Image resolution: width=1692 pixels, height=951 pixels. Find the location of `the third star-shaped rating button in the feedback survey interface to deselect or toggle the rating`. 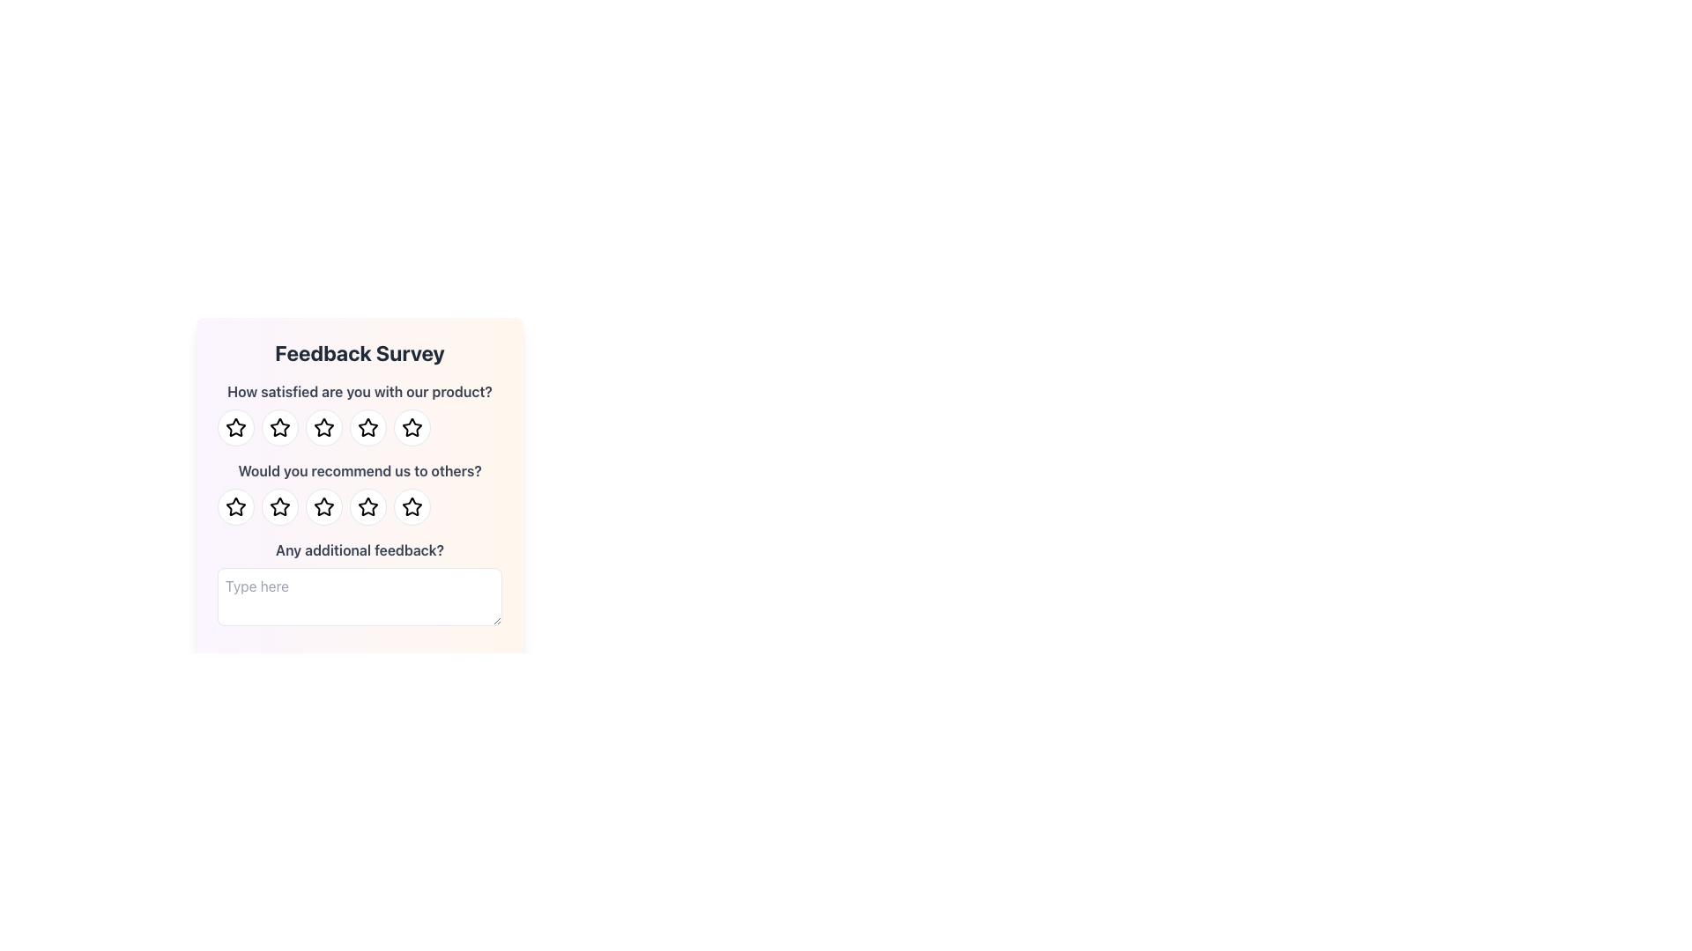

the third star-shaped rating button in the feedback survey interface to deselect or toggle the rating is located at coordinates (324, 428).